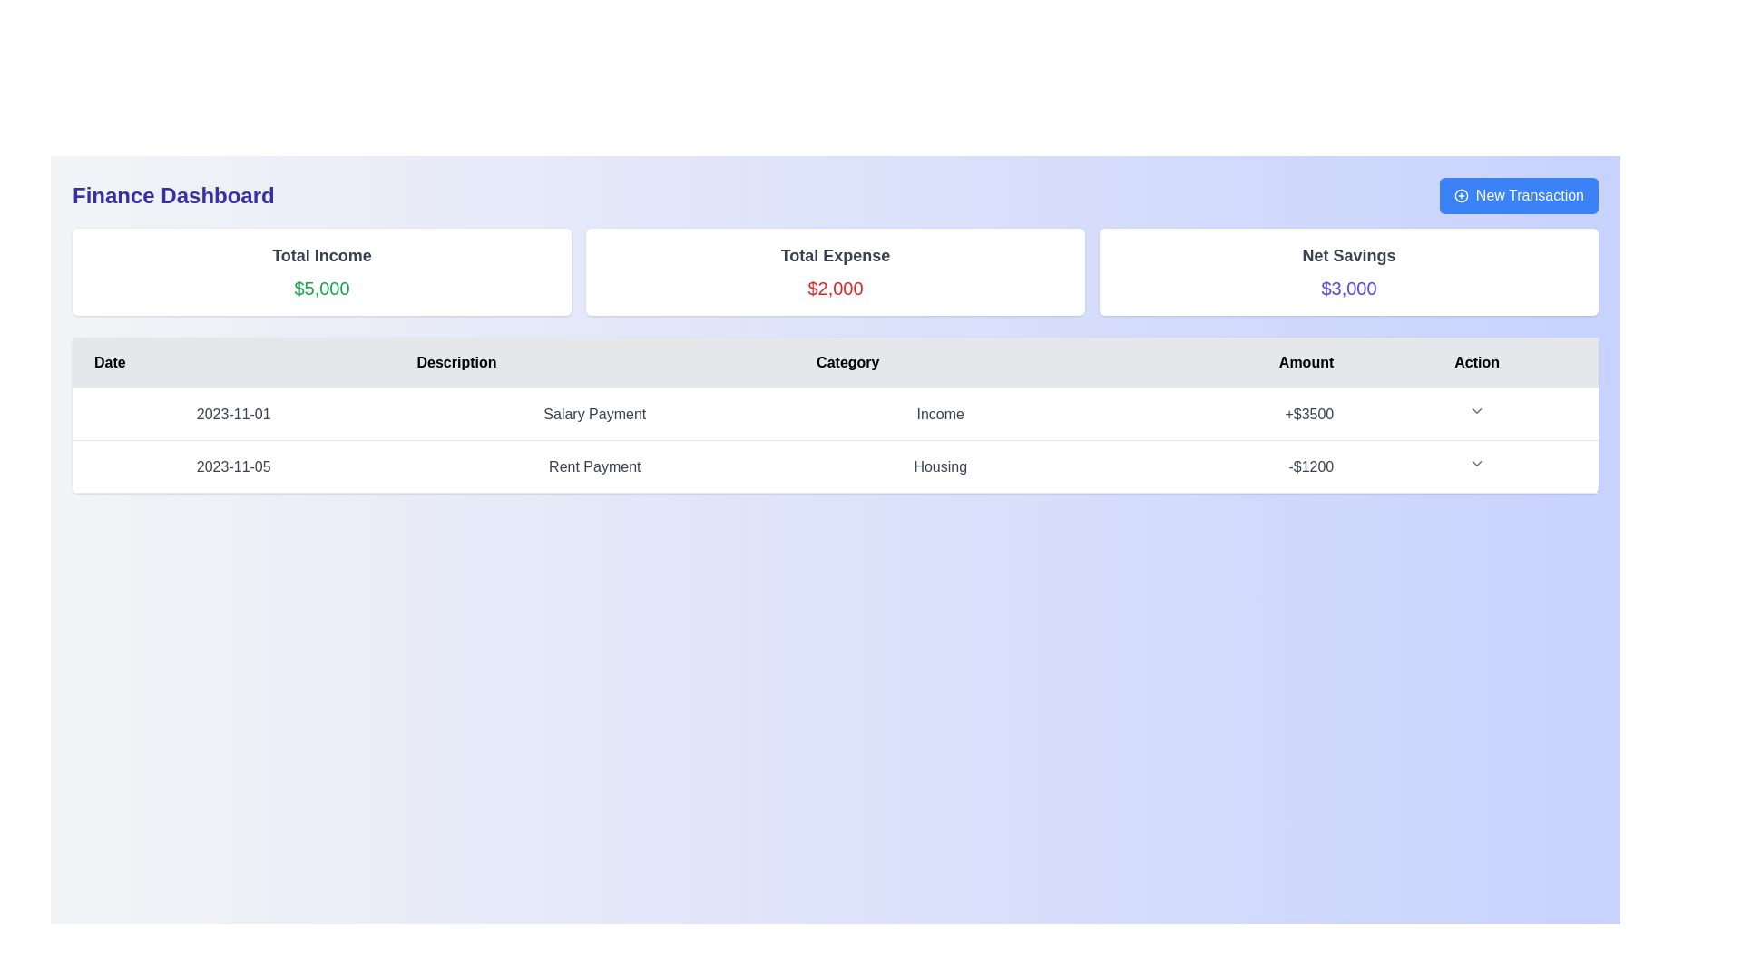 This screenshot has height=980, width=1742. Describe the element at coordinates (1349, 287) in the screenshot. I see `the displayed financial metric value of $3,000 in the 'Net Savings' card, located at the center of the card in the top-right section of the interface` at that location.